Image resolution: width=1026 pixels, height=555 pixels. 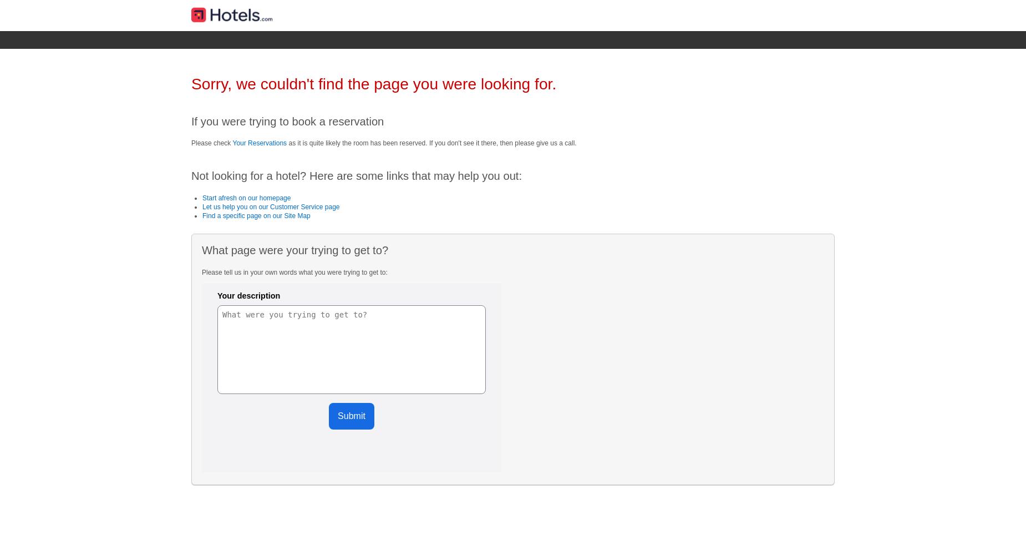 What do you see at coordinates (211, 143) in the screenshot?
I see `'Please check'` at bounding box center [211, 143].